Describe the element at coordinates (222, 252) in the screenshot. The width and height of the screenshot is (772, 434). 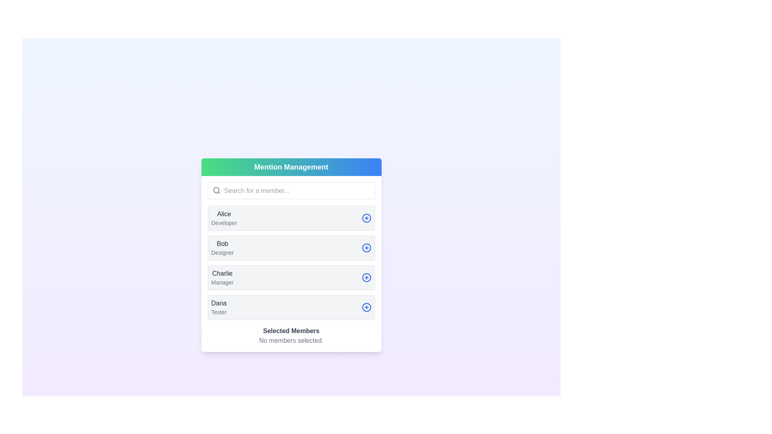
I see `the text element that provides additional descriptive information about the member named 'Bob', which is positioned underneath the text 'Bob'` at that location.